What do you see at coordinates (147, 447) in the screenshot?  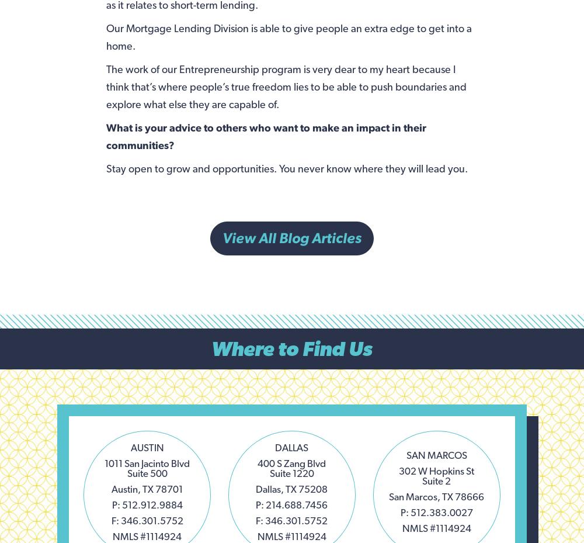 I see `'AUSTIN'` at bounding box center [147, 447].